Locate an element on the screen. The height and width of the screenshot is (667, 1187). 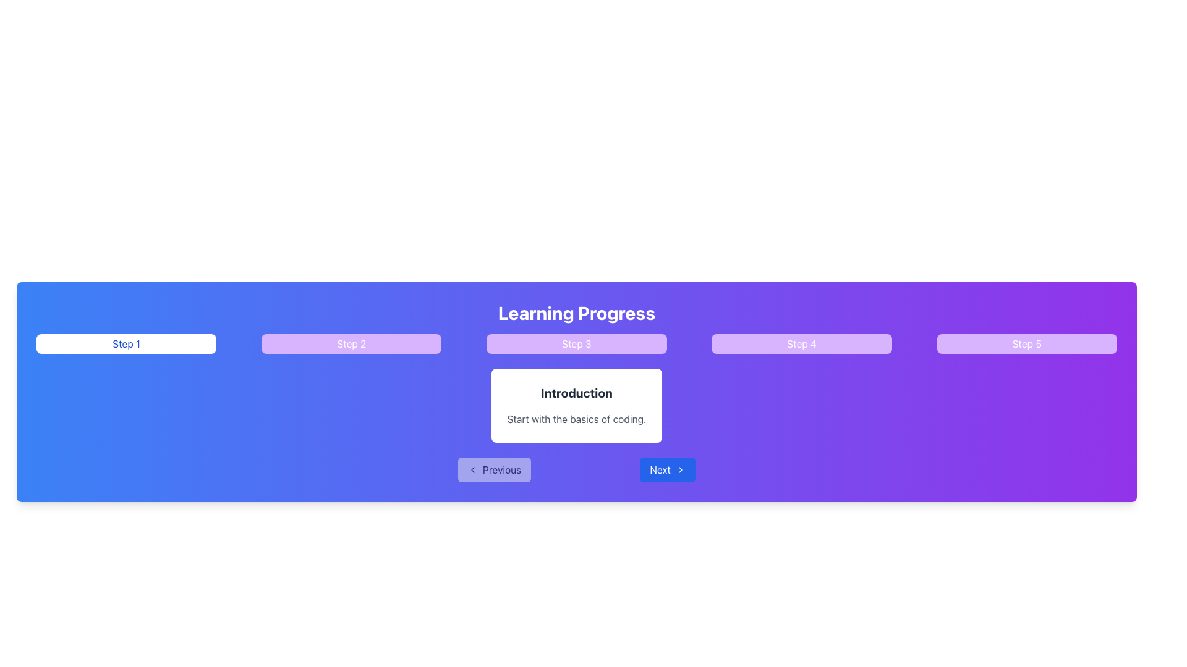
the 'Next' button which contains a right-pointing chevron icon, located at the bottom-right corner of the interface is located at coordinates (679, 469).